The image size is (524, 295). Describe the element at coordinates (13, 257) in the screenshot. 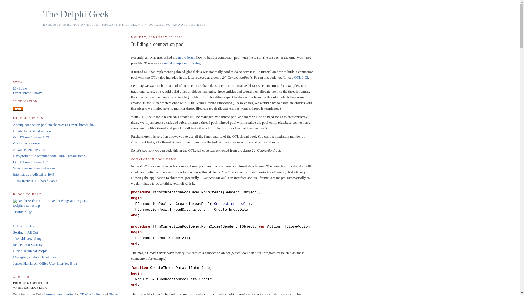

I see `'Managing Product Development'` at that location.